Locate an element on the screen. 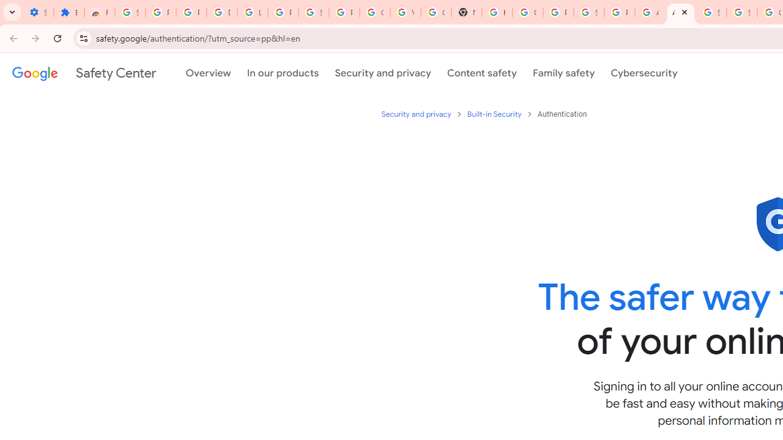  'Safety Center' is located at coordinates (83, 73).